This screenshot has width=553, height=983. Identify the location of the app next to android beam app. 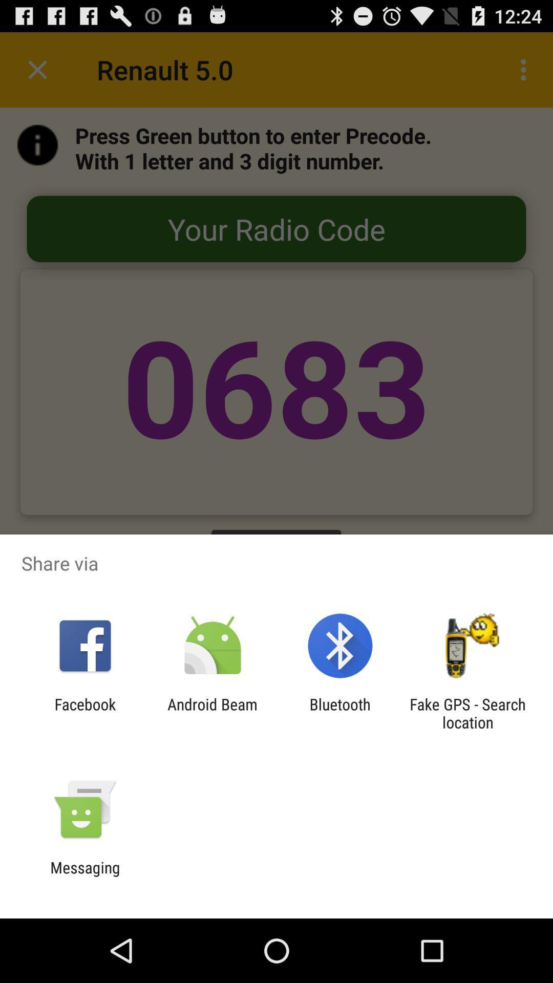
(84, 713).